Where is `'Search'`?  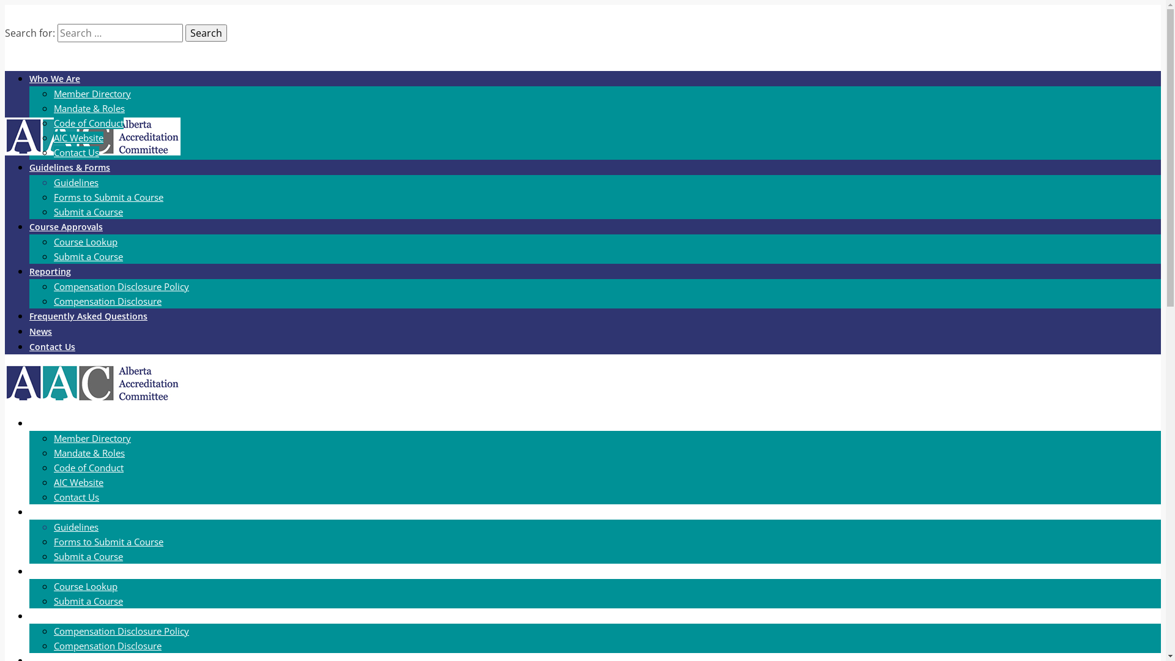 'Search' is located at coordinates (206, 32).